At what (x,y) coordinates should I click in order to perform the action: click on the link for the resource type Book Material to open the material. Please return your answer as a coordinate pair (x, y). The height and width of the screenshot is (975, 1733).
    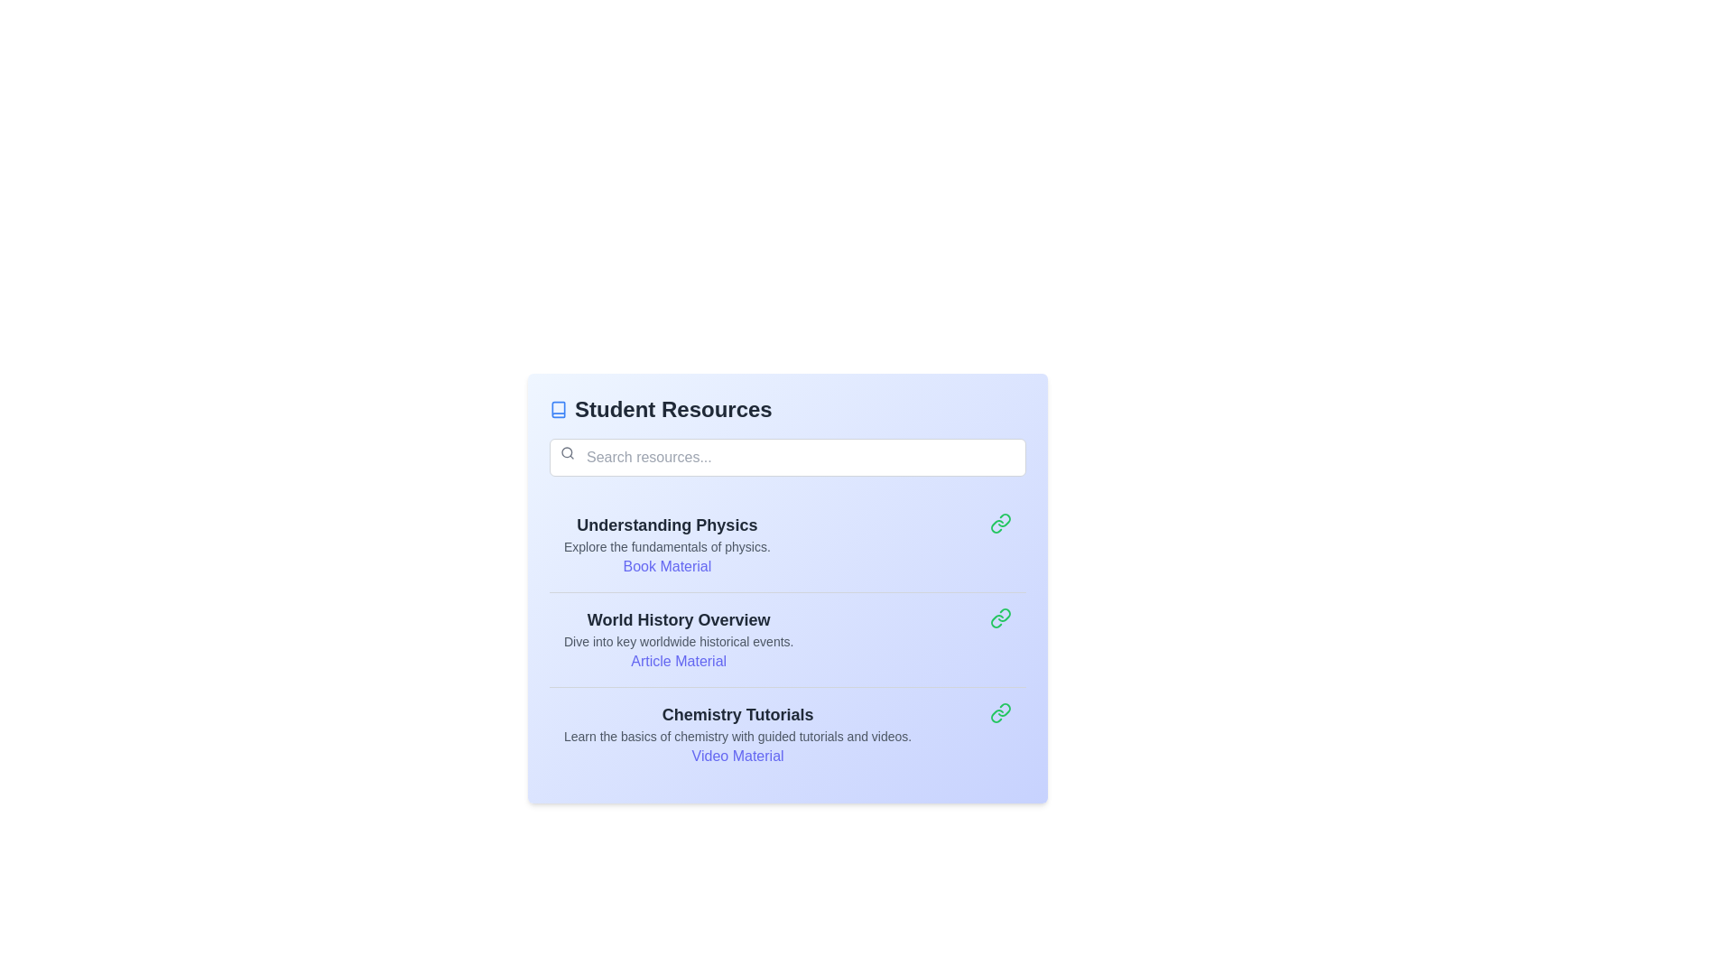
    Looking at the image, I should click on (666, 565).